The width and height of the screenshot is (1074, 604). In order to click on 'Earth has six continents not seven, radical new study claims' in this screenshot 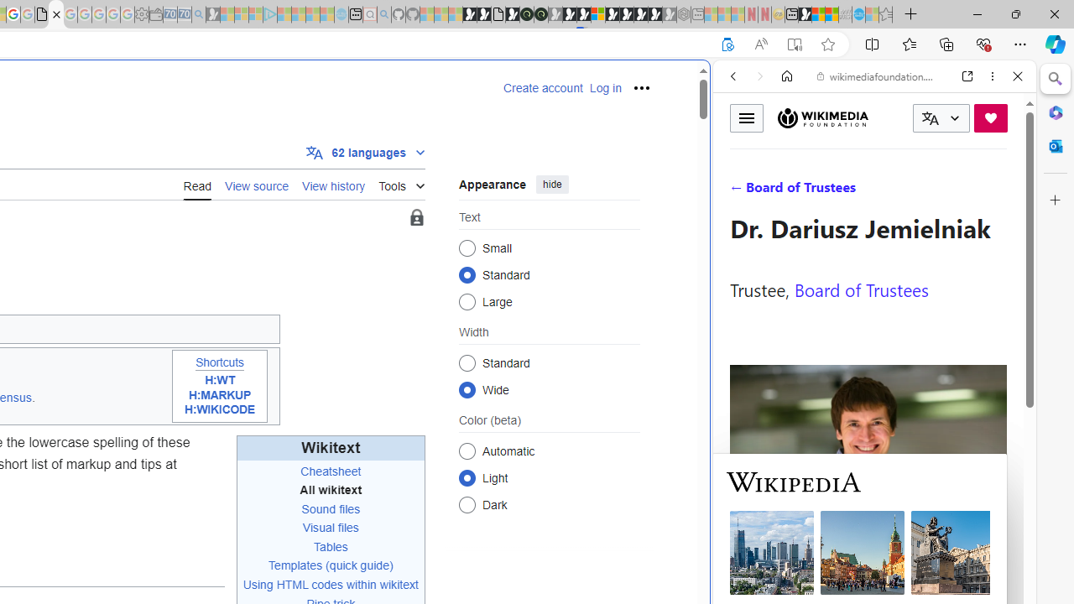, I will do `click(832, 14)`.